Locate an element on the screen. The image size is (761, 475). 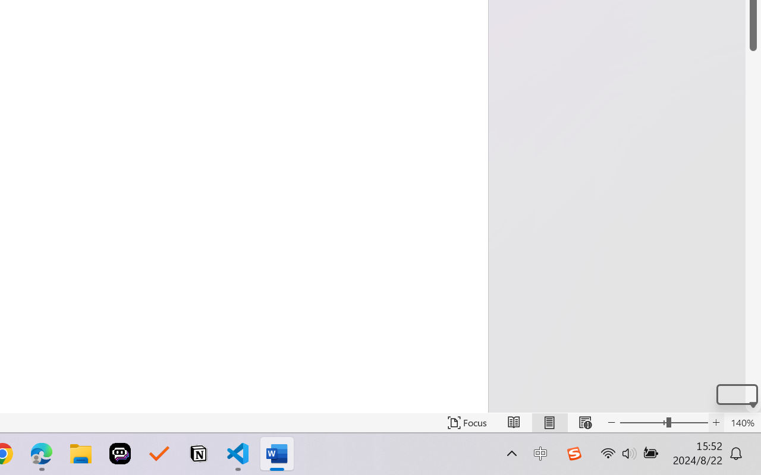
'Print Layout' is located at coordinates (549, 422).